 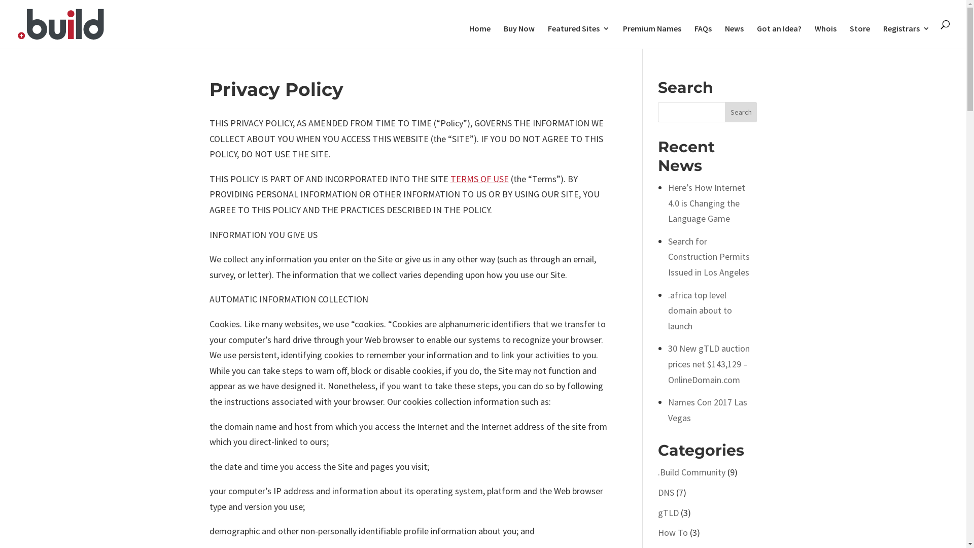 I want to click on 'Featured Sites', so click(x=579, y=36).